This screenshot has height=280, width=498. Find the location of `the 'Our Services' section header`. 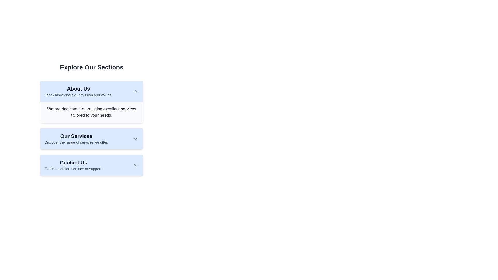

the 'Our Services' section header is located at coordinates (92, 138).